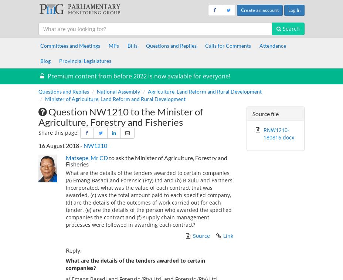  What do you see at coordinates (149, 198) in the screenshot?
I see `'What are the details of the tenders awarded to certain companies (a) Emang Basadi and Forensic (Pty) Ltd and (b) B Xulu and Partners Incorporated, what was the value of each contract that was awarded, (c) was the total amount paid to each specified company, (d) are the details of the outcomes of work carried out for each tender, (e) are the details of the person who awarded the specified companies the contract and (f) supply chain management processes were followed in awarding each contract?'` at bounding box center [149, 198].